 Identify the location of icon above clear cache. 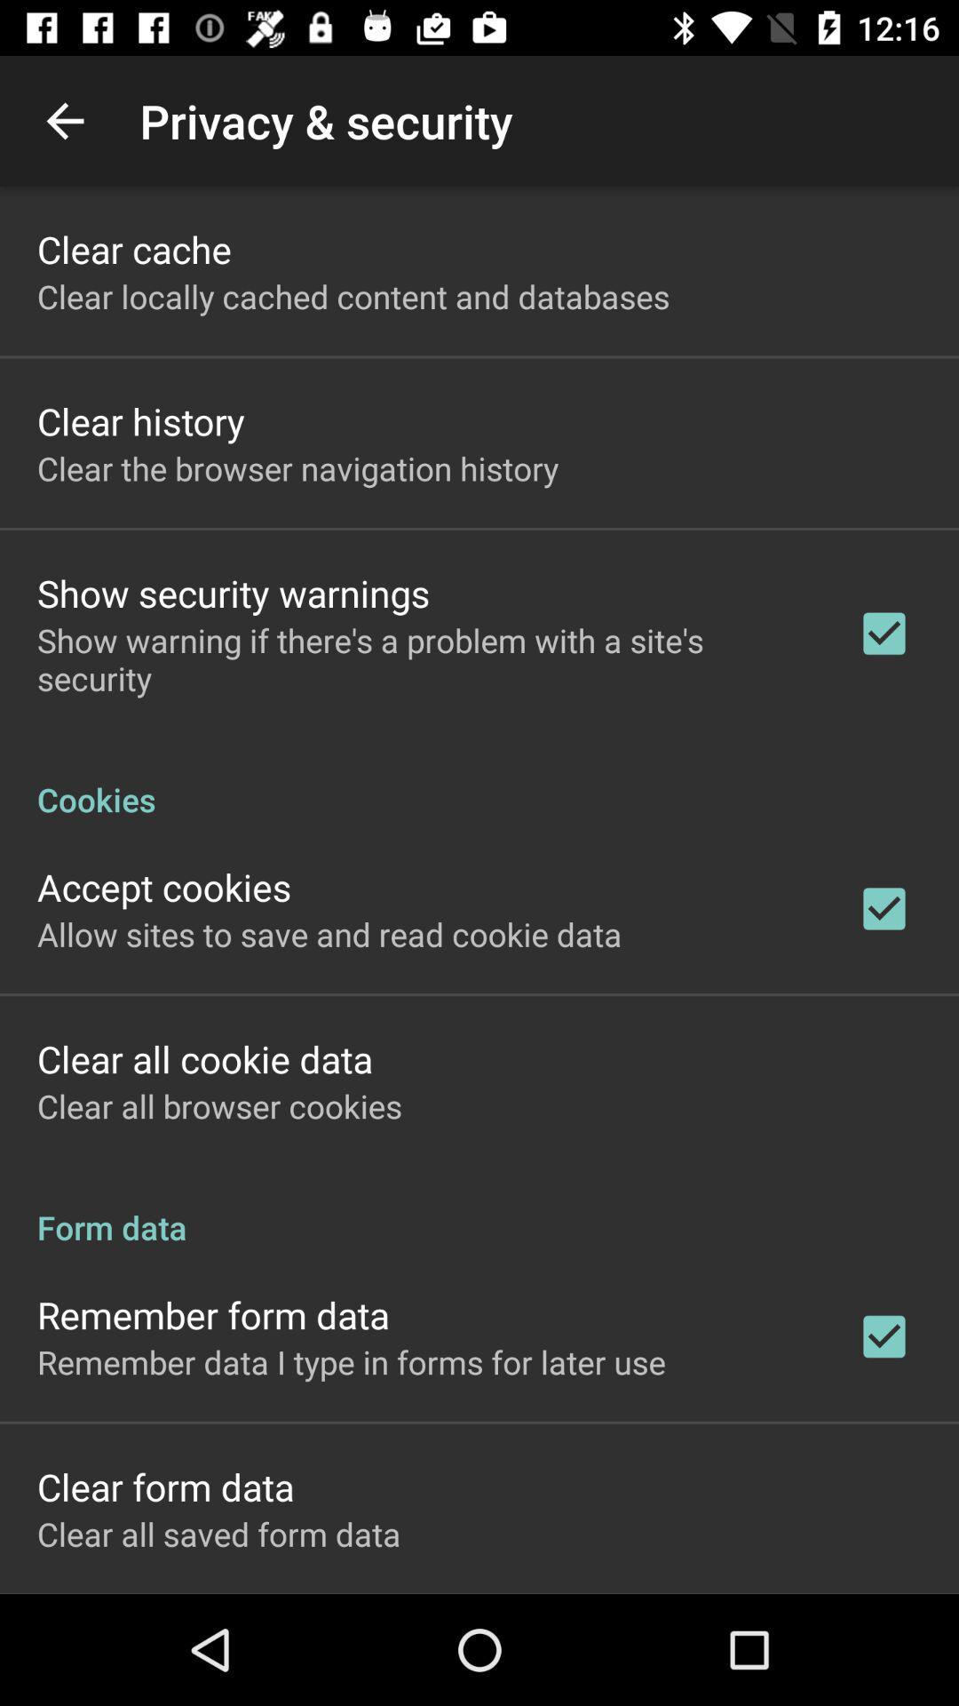
(64, 120).